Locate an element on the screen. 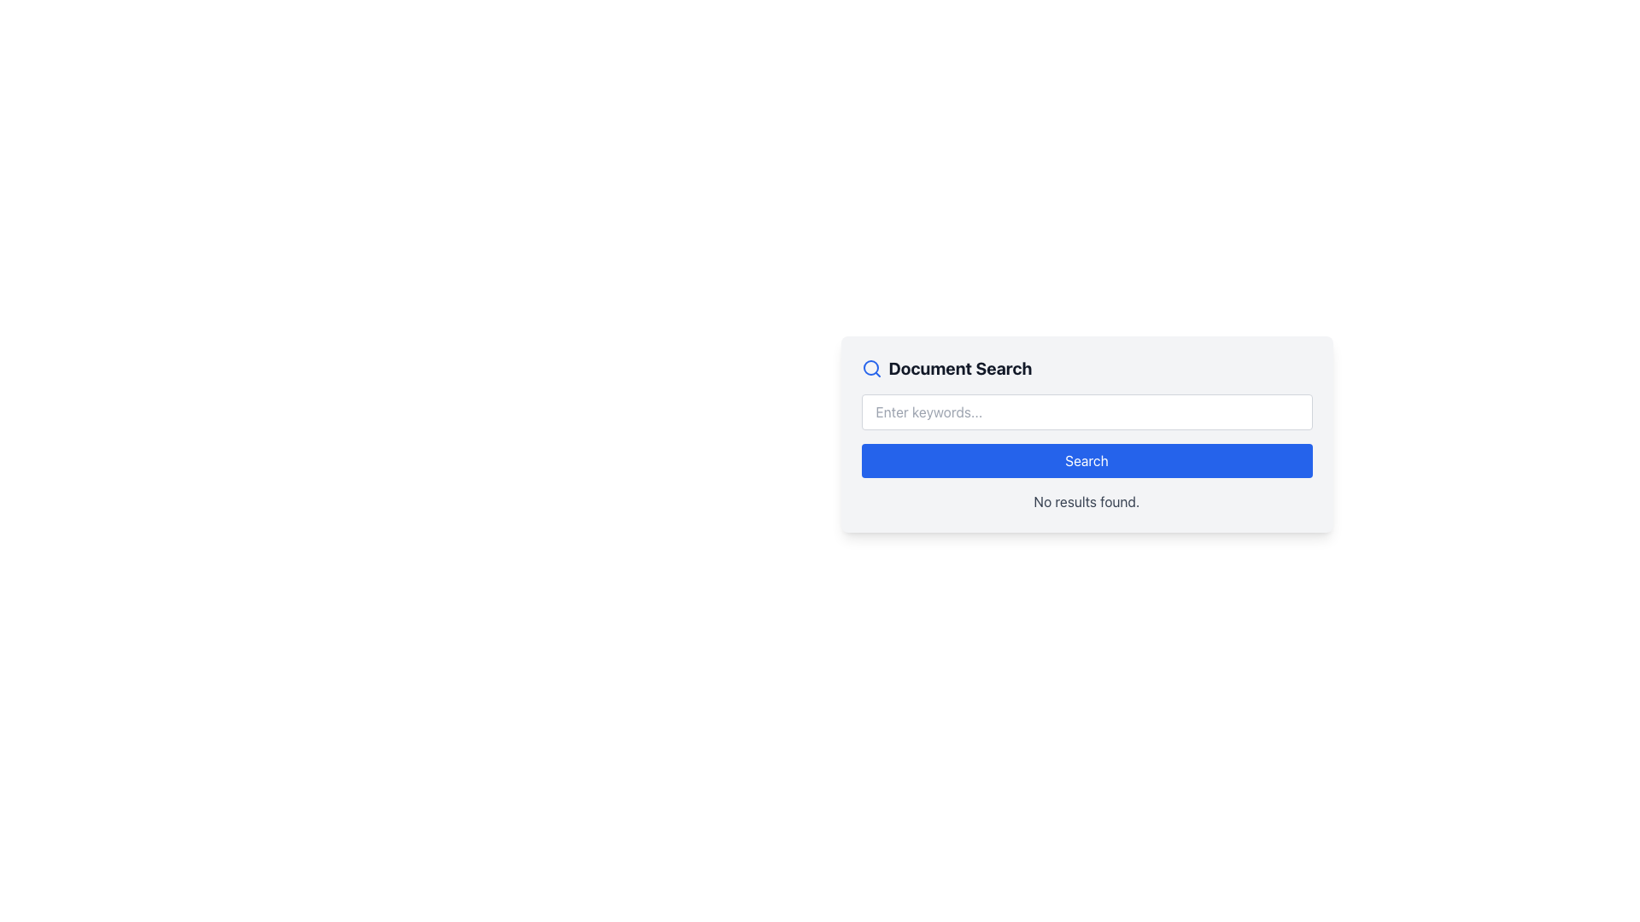 The height and width of the screenshot is (922, 1640). the Text Label that serves as a title for the document search feature, located near the top-left section of the search panel, to the right of the blue magnifying glass icon is located at coordinates (960, 368).